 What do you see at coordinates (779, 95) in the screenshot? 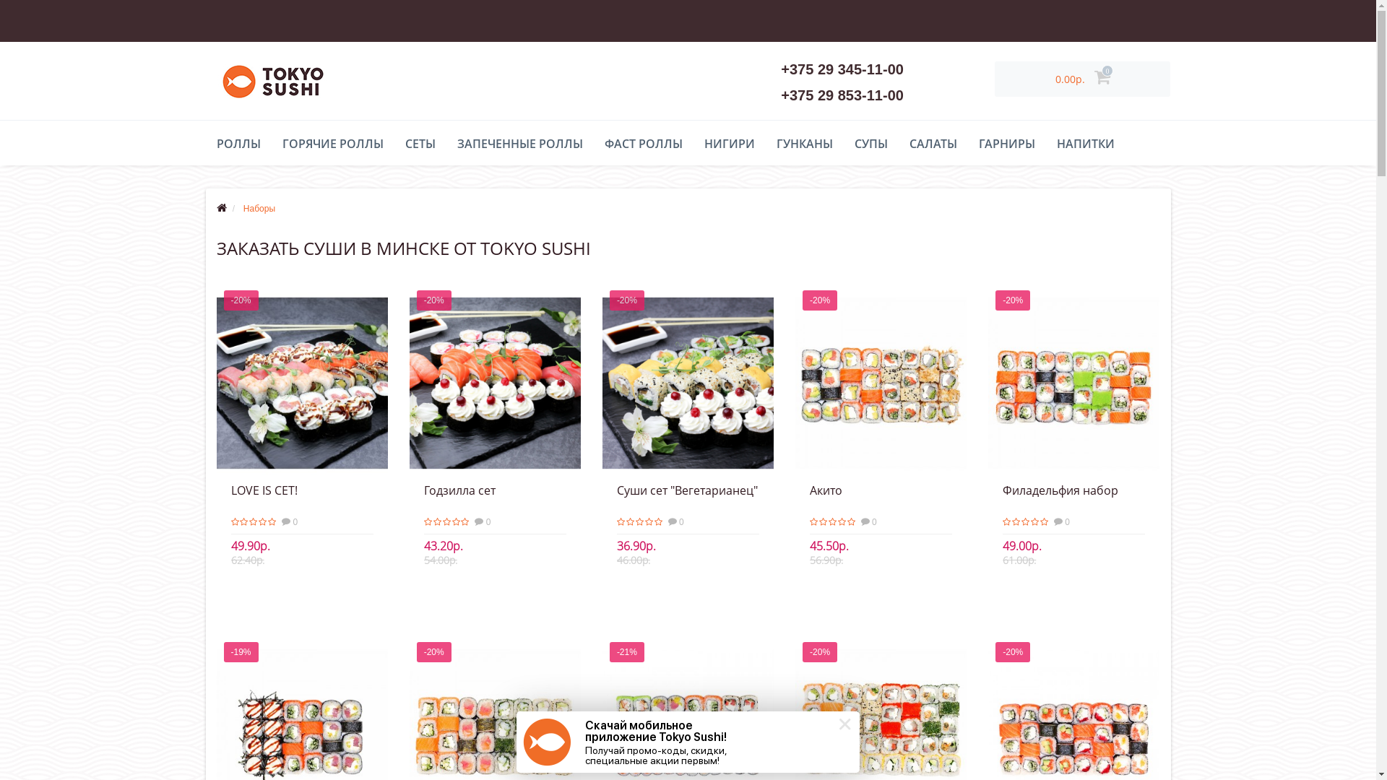
I see `'+375 29 853-11-00'` at bounding box center [779, 95].